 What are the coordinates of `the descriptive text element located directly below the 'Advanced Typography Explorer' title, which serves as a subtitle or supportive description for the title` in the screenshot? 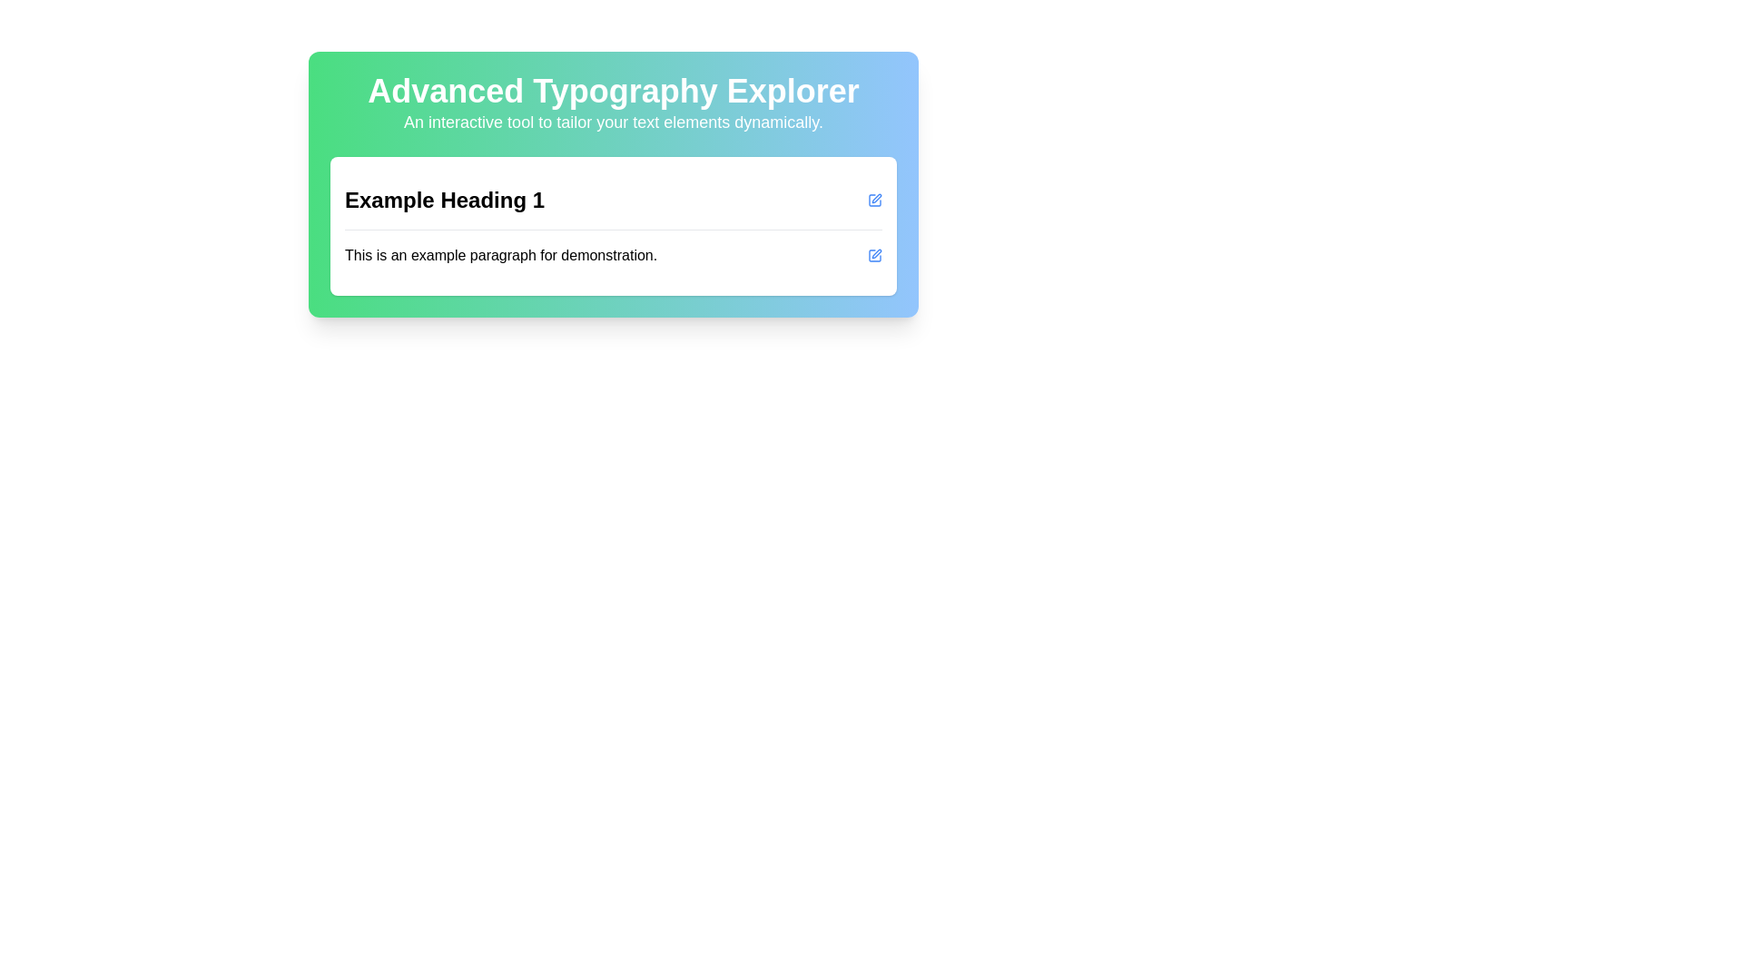 It's located at (614, 122).